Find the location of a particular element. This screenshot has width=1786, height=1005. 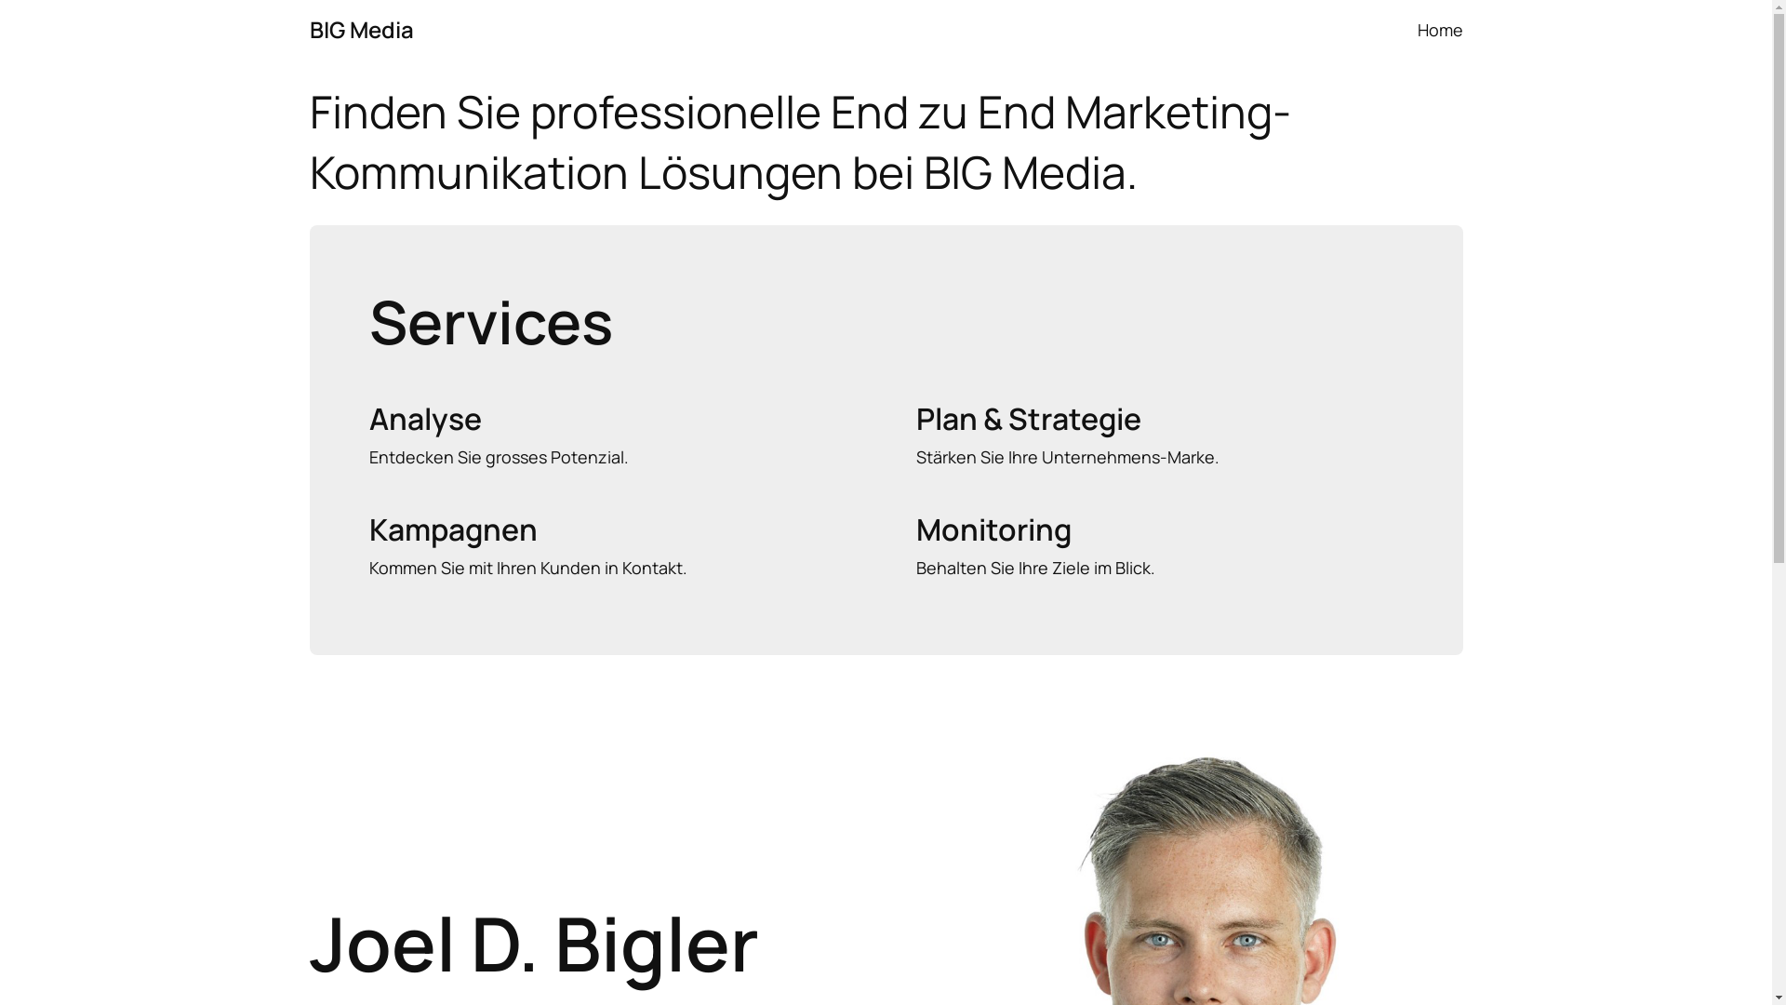

'Home' is located at coordinates (1439, 29).